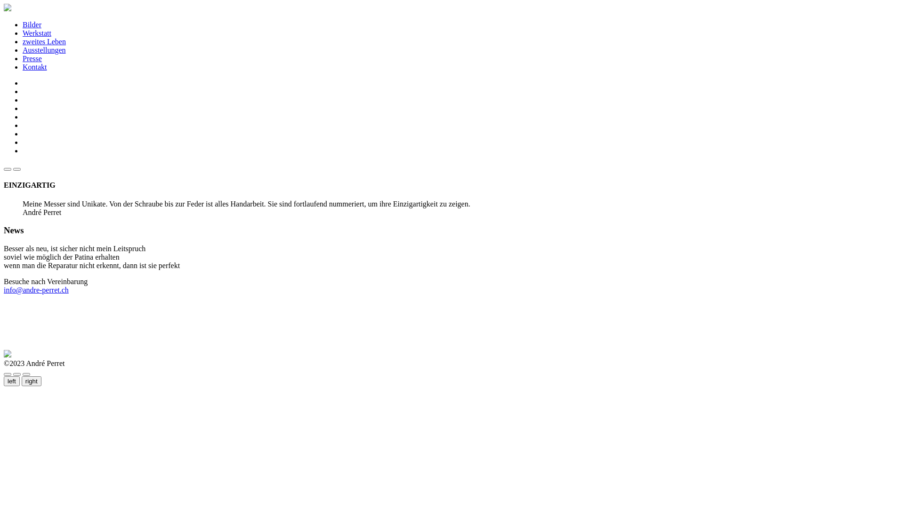 The width and height of the screenshot is (904, 508). Describe the element at coordinates (44, 41) in the screenshot. I see `'zweites Leben'` at that location.